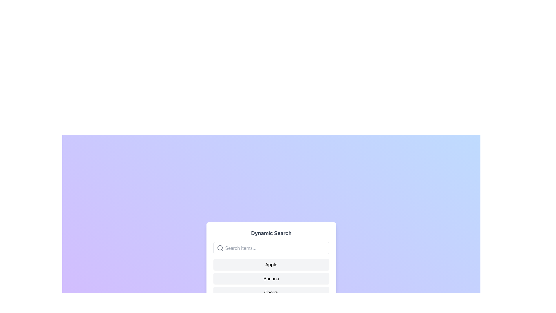 The height and width of the screenshot is (313, 556). Describe the element at coordinates (271, 278) in the screenshot. I see `the List item labeled 'Banana', which is the second option in a vertical list, positioned below 'Apple' and above 'Cherry'` at that location.